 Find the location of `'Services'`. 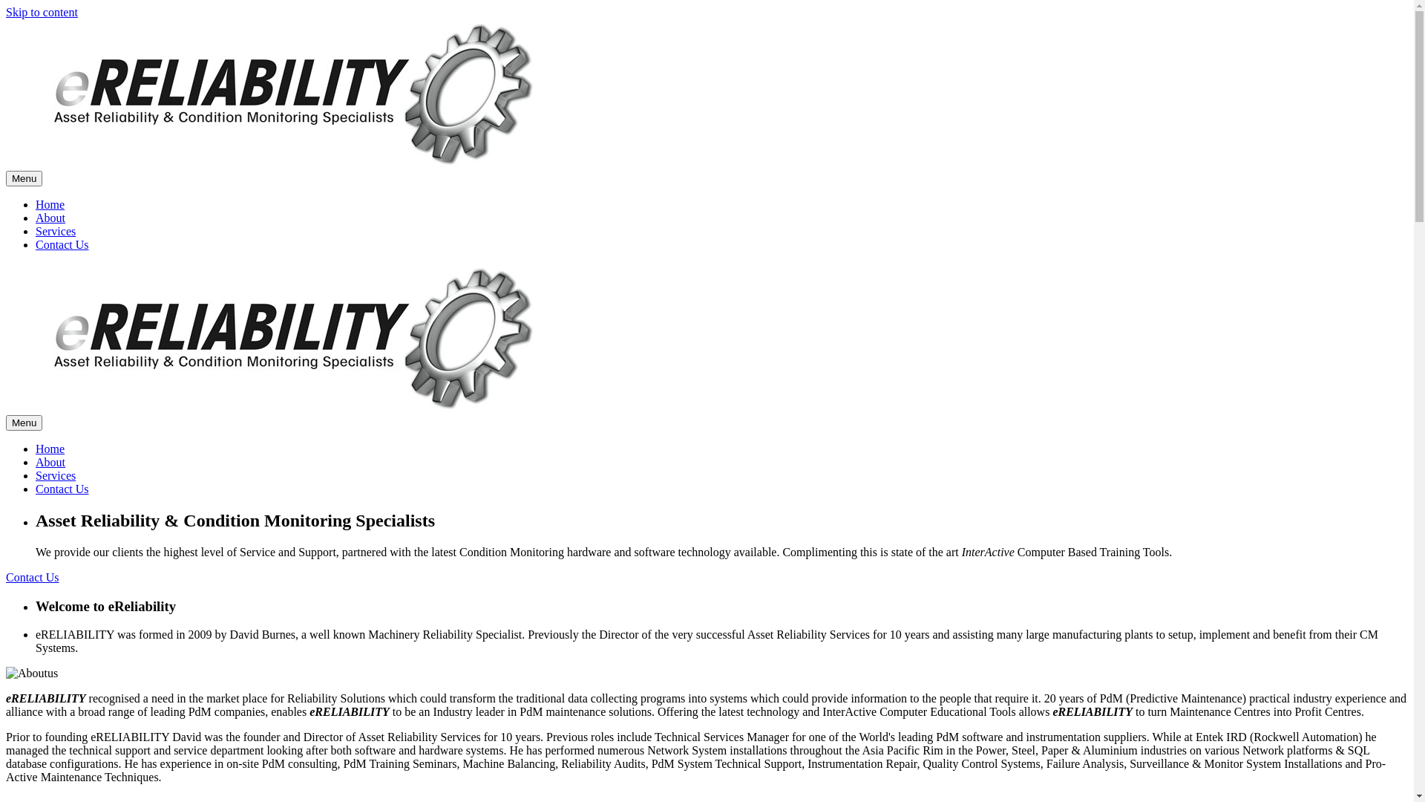

'Services' is located at coordinates (56, 231).